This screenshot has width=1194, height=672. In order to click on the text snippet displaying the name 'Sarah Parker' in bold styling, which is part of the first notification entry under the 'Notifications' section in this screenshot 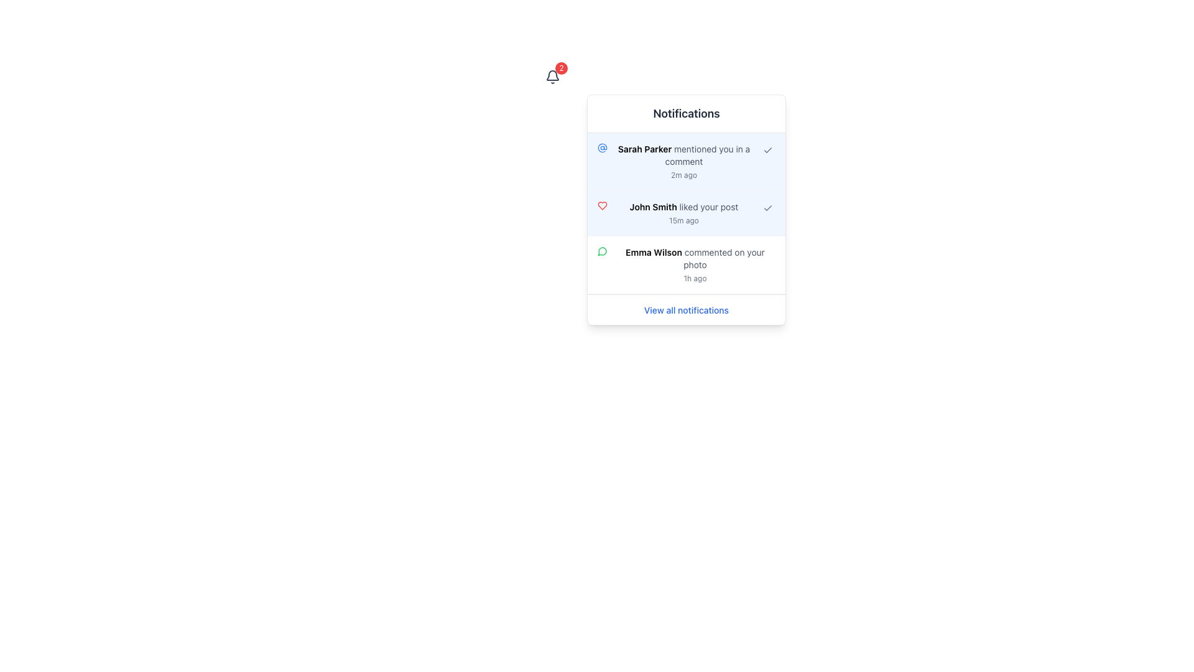, I will do `click(644, 148)`.